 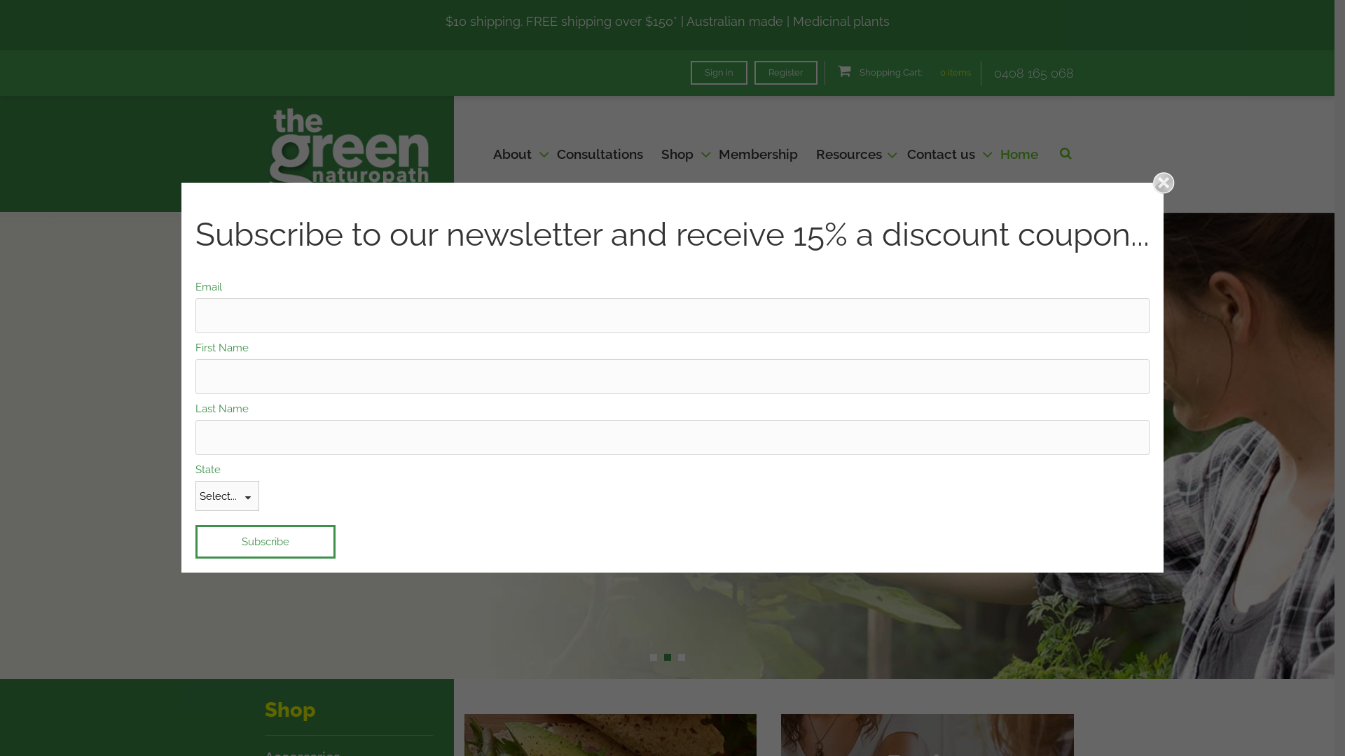 What do you see at coordinates (1163, 182) in the screenshot?
I see `'Close'` at bounding box center [1163, 182].